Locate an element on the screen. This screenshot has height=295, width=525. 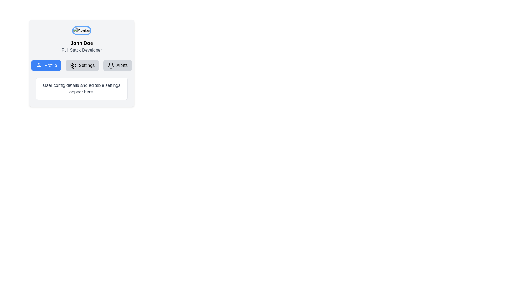
the 'Alerts' button, which is the third button in a horizontal sequence of three buttons, featuring a bell icon and the text 'Alerts' on a light gray background is located at coordinates (117, 65).